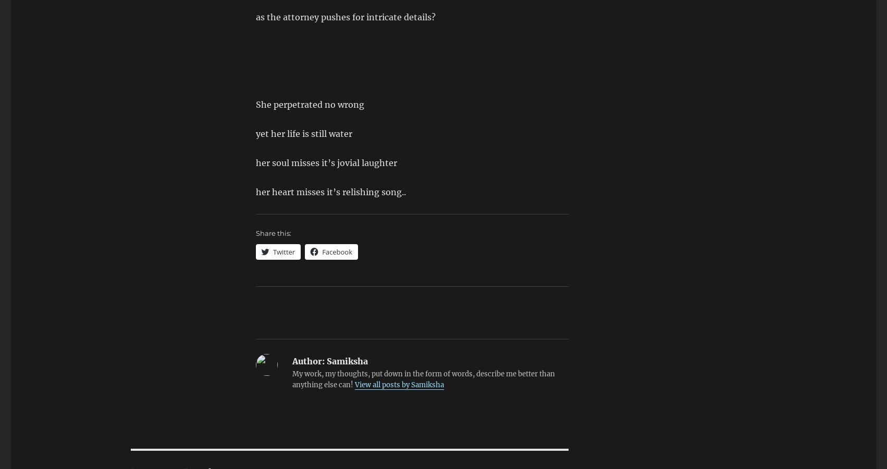 The image size is (887, 469). What do you see at coordinates (283, 252) in the screenshot?
I see `'Twitter'` at bounding box center [283, 252].